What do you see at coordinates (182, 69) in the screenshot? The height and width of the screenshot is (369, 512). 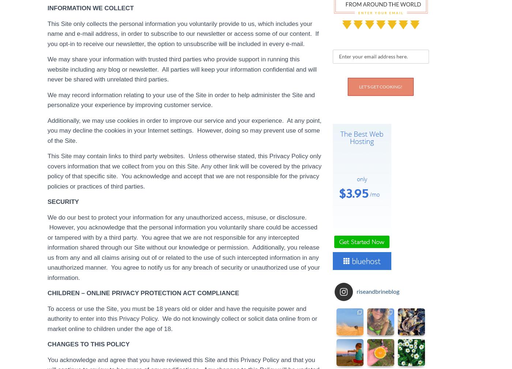 I see `'We may share your information with trusted third parties who provide support in running this website including any blog or newsletter.  All parties will keep your information confidential and will never be shared with unrelated third parties.'` at bounding box center [182, 69].